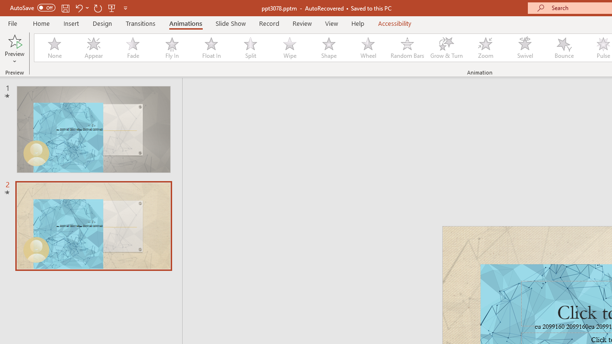 This screenshot has width=612, height=344. What do you see at coordinates (172, 48) in the screenshot?
I see `'Fly In'` at bounding box center [172, 48].